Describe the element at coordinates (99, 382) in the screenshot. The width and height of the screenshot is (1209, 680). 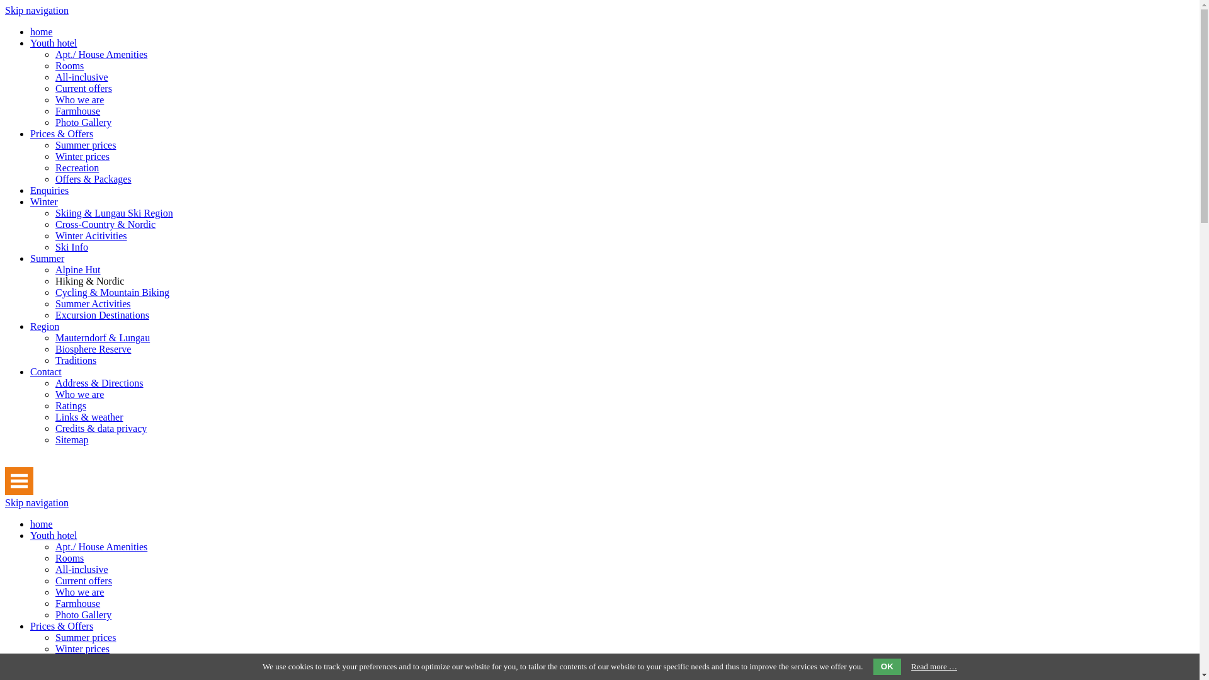
I see `'Address & Directions'` at that location.